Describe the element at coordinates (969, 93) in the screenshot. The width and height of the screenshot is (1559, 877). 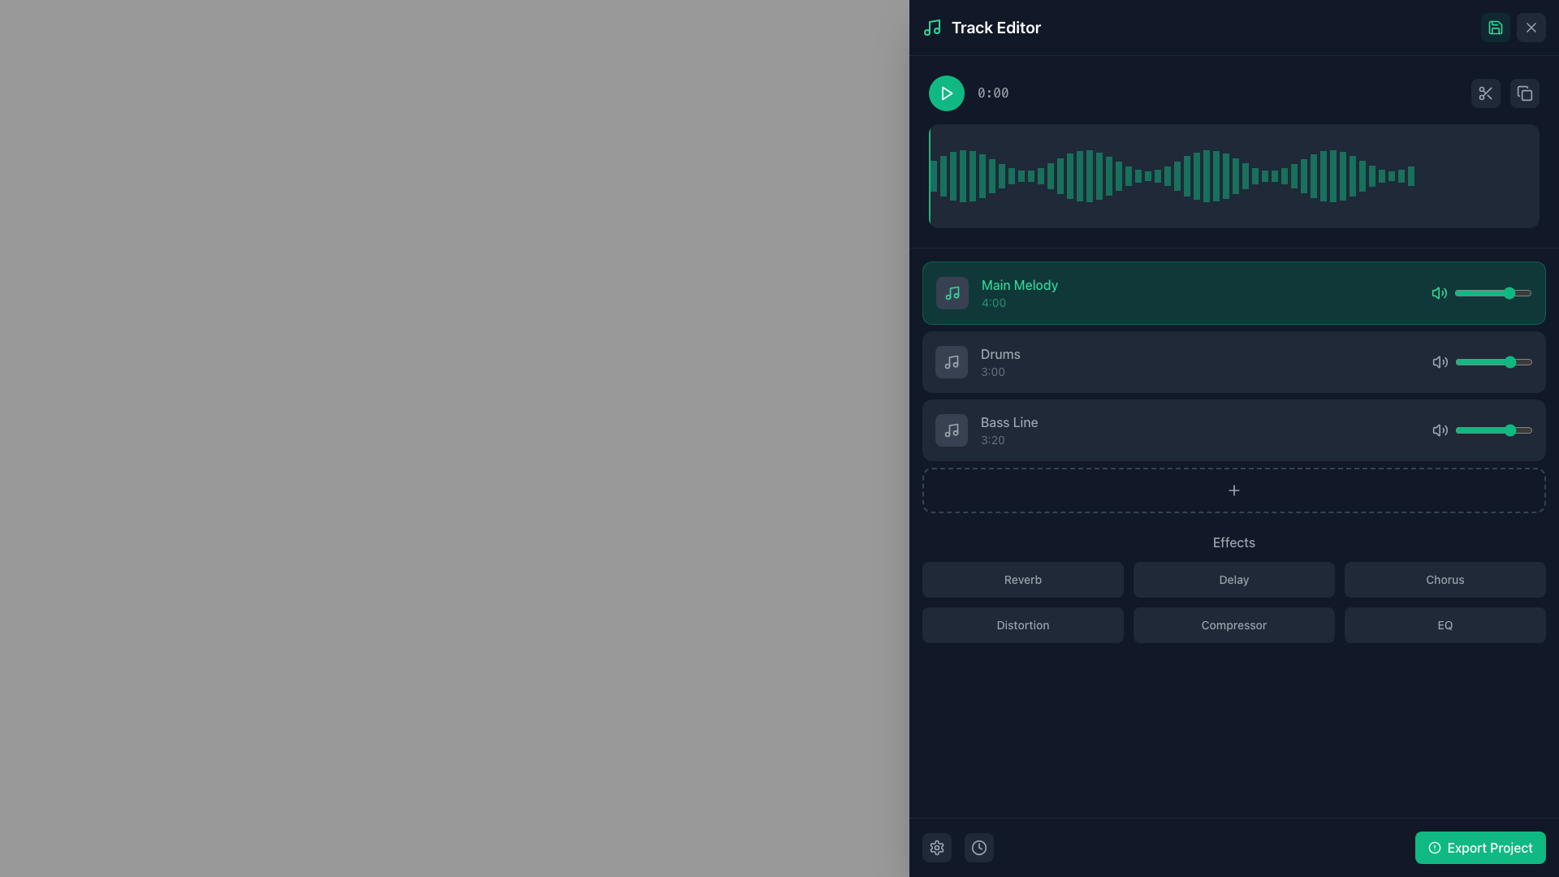
I see `the Text Display that shows the current time or position of an audio track, located in the horizontal group next to the green play button in the 'Track Editor' panel` at that location.